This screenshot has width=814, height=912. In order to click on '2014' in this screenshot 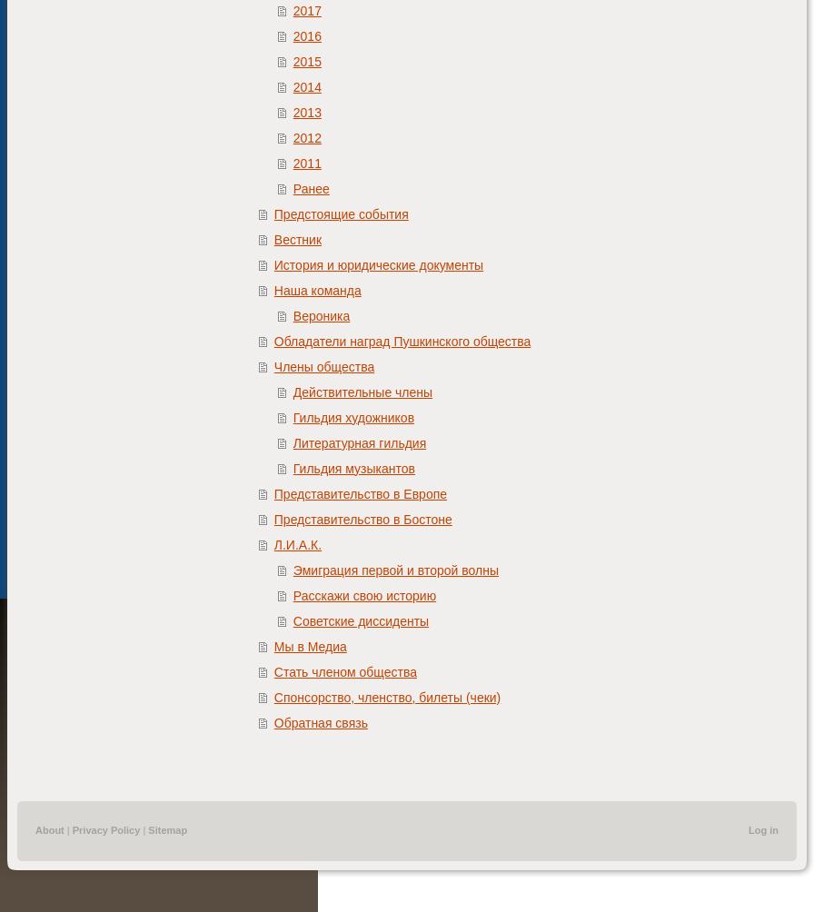, I will do `click(306, 85)`.